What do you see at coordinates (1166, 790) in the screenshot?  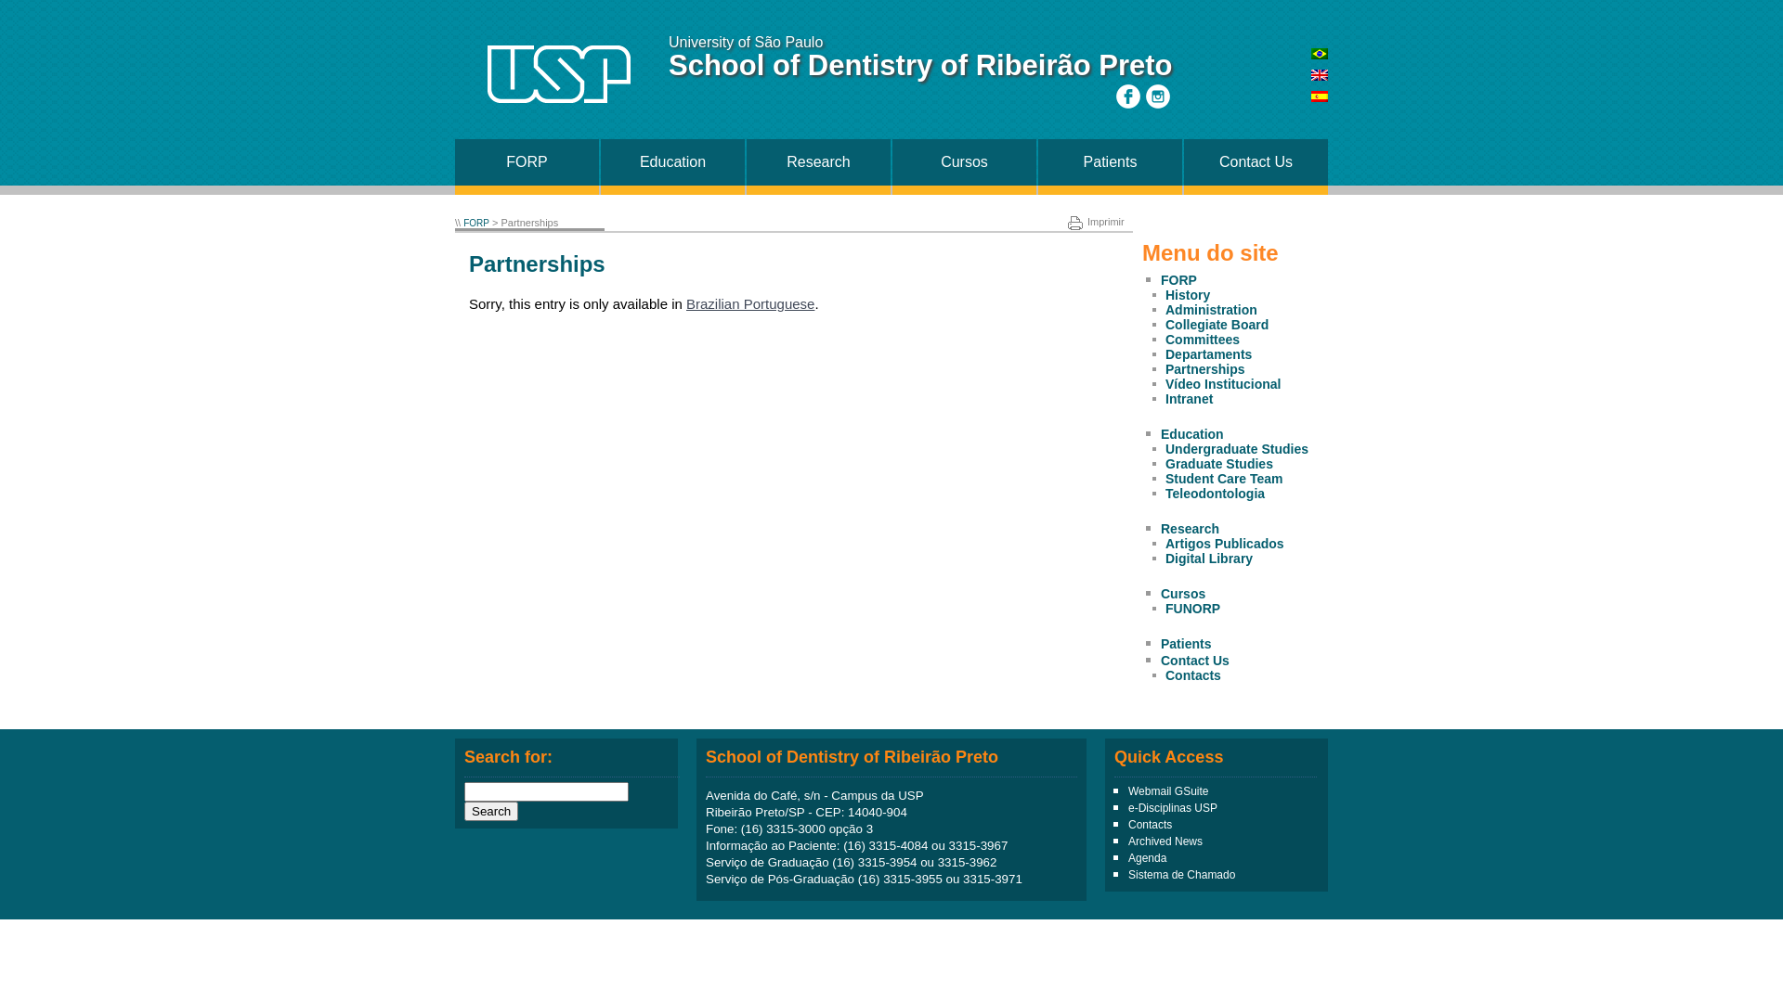 I see `'Webmail GSuite'` at bounding box center [1166, 790].